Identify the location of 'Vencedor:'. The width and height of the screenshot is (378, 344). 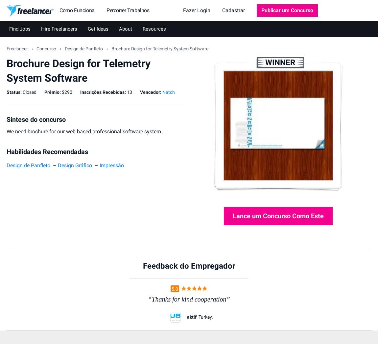
(151, 92).